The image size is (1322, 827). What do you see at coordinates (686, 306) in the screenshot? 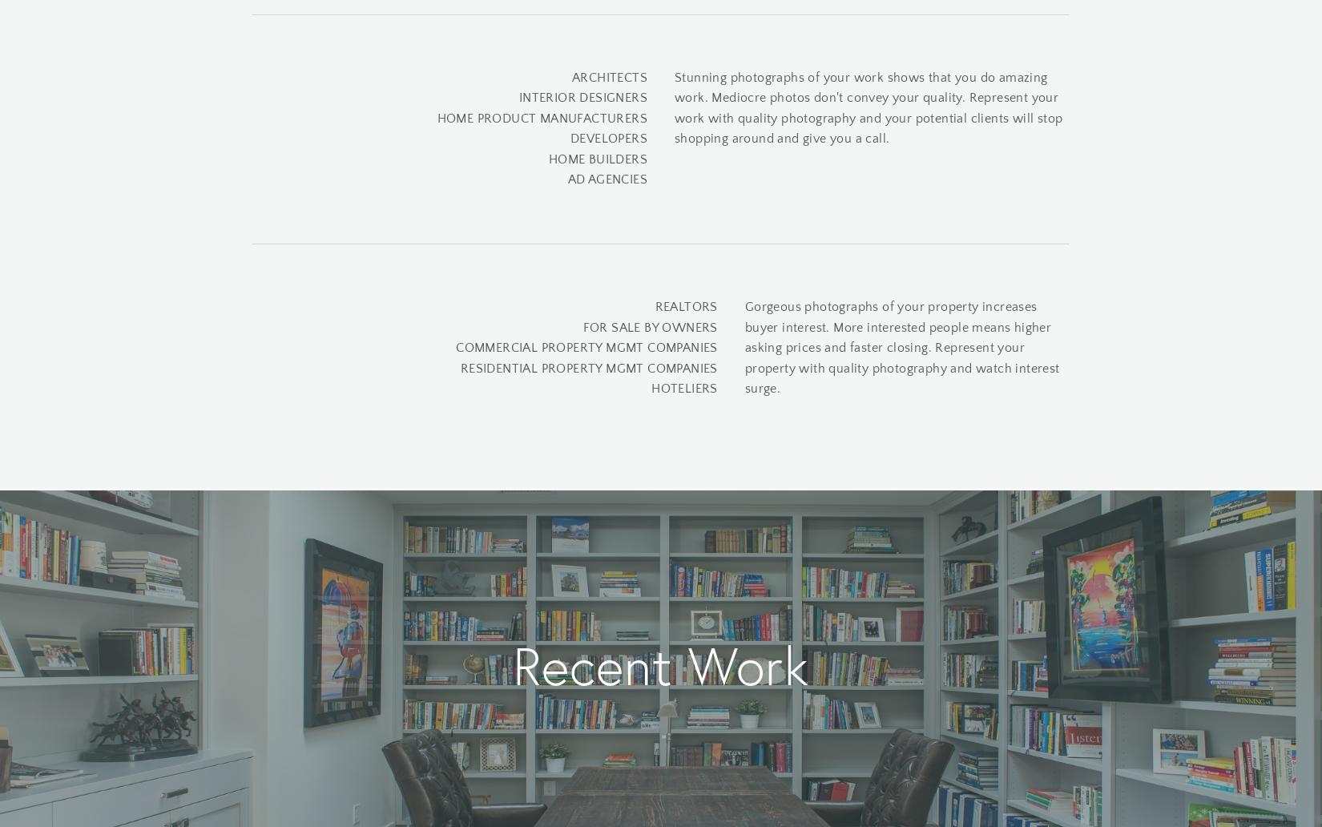
I see `'REALTORS'` at bounding box center [686, 306].